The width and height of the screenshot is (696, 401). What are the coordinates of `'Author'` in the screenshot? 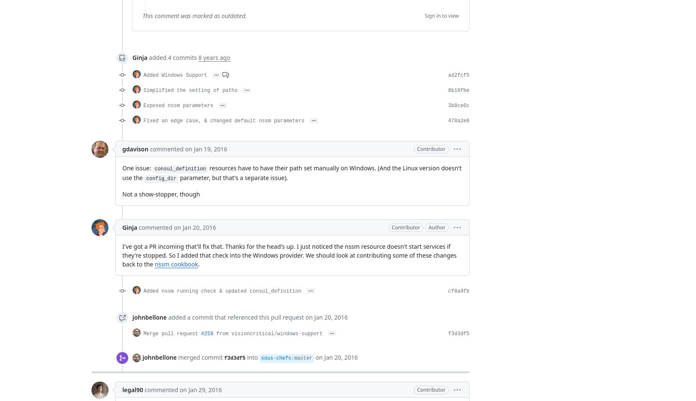 It's located at (437, 227).